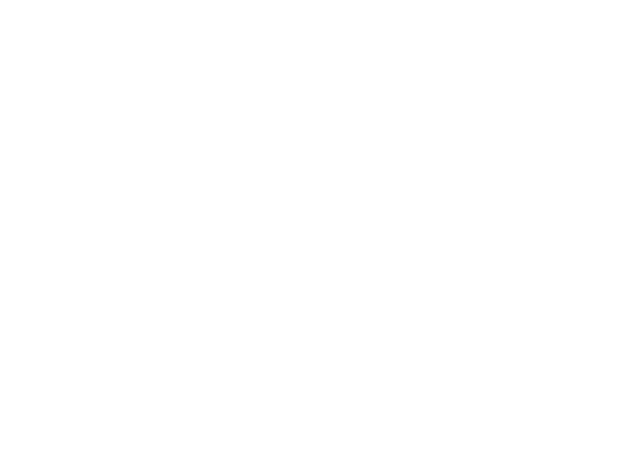  What do you see at coordinates (566, 25) in the screenshot?
I see `'remove'` at bounding box center [566, 25].